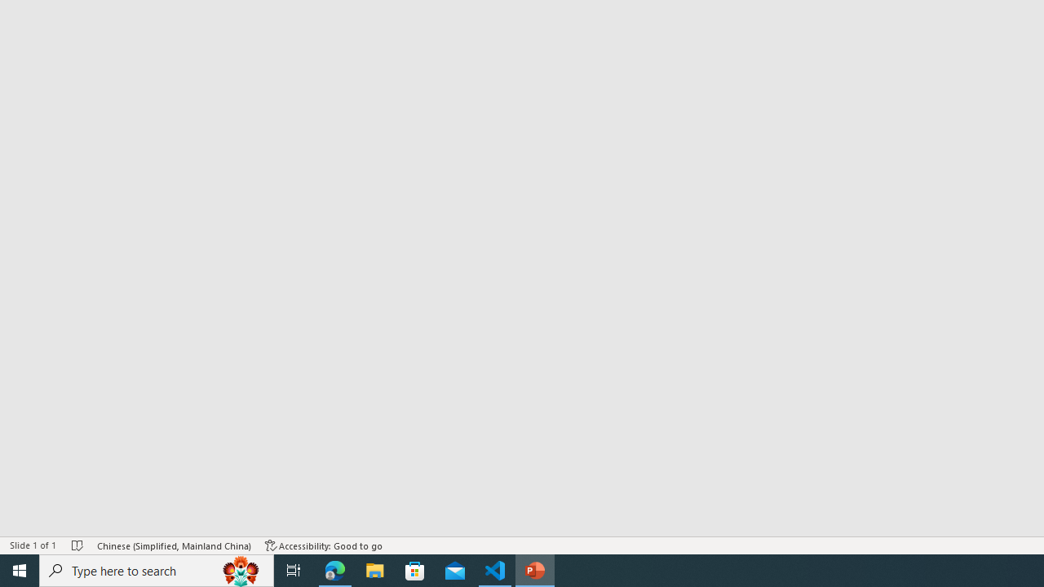 This screenshot has height=587, width=1044. I want to click on 'Accessibility Checker Accessibility: Good to go', so click(324, 545).